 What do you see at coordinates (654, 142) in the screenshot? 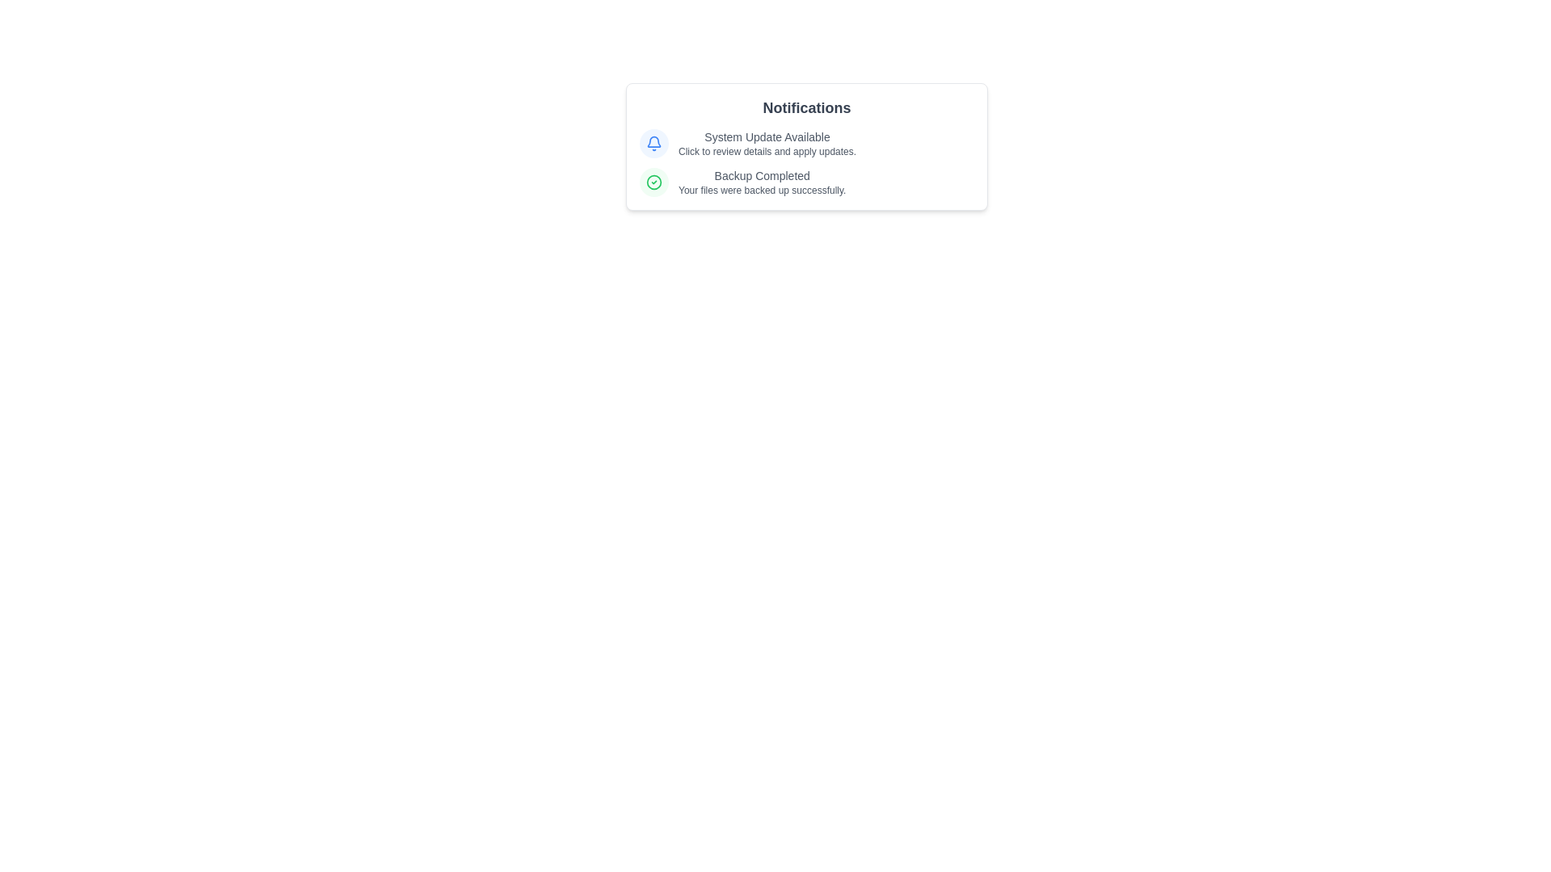
I see `the notification icon indicating 'System Update Available' located on the left side of the notification text` at bounding box center [654, 142].